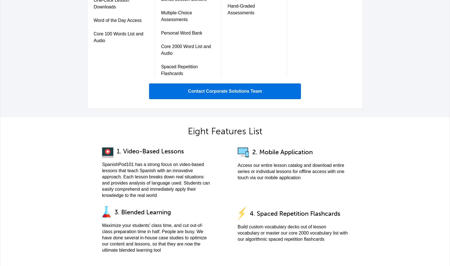 Image resolution: width=450 pixels, height=266 pixels. I want to click on '3. Blended Learning', so click(142, 212).